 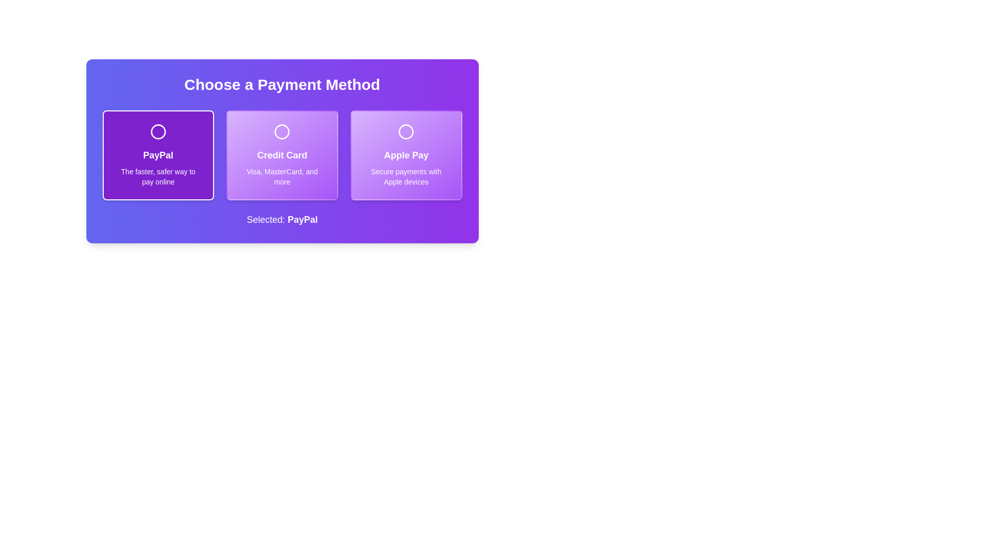 I want to click on the circular graphical component representing a choice within the payment method card, which is part of the 'Credit Card' option box, so click(x=282, y=131).